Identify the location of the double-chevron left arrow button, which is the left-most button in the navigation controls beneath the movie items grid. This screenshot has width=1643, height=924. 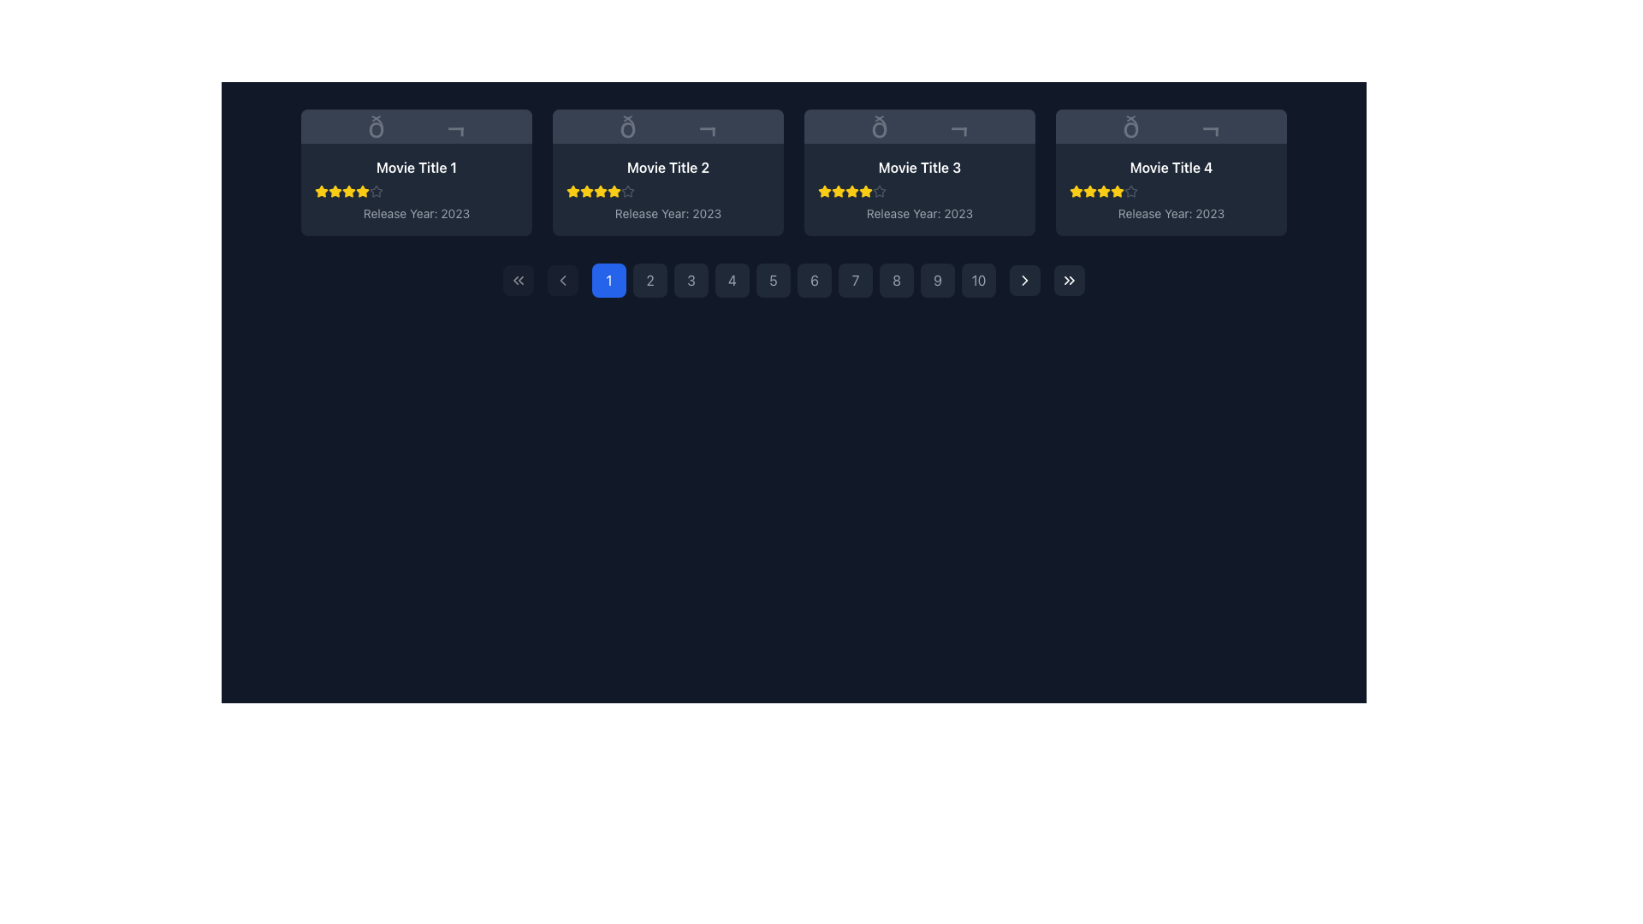
(517, 279).